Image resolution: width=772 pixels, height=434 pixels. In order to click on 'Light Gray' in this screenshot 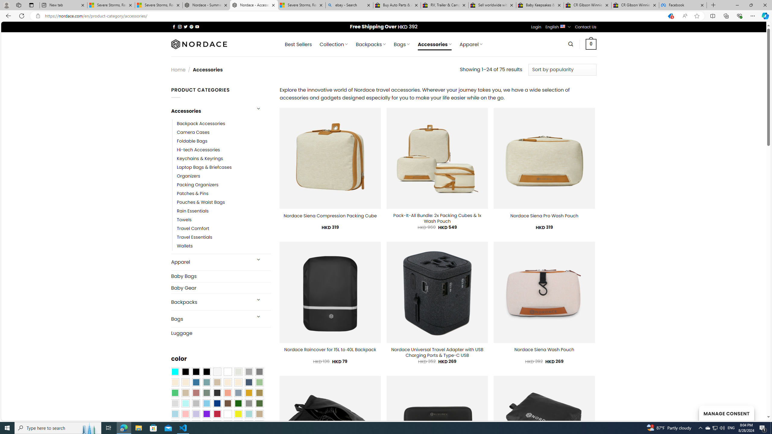, I will do `click(174, 403)`.